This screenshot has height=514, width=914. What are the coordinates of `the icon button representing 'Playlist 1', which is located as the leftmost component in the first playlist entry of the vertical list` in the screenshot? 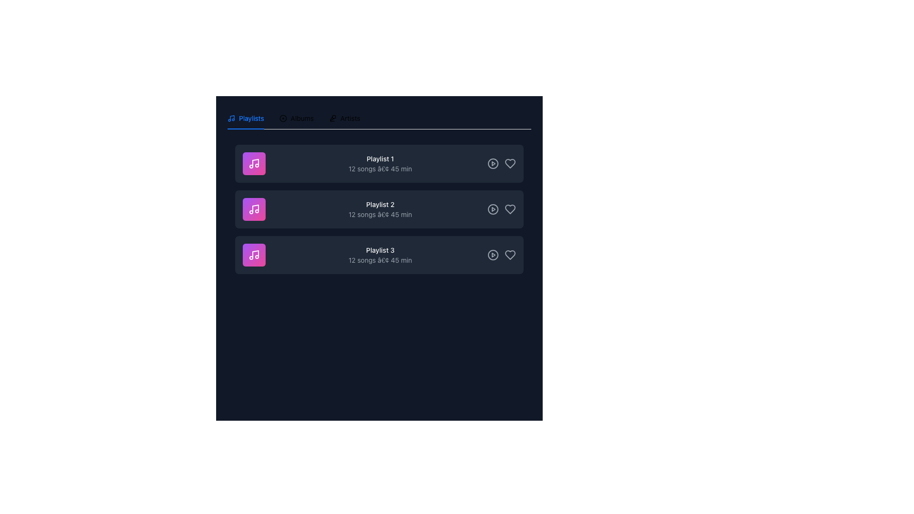 It's located at (254, 163).